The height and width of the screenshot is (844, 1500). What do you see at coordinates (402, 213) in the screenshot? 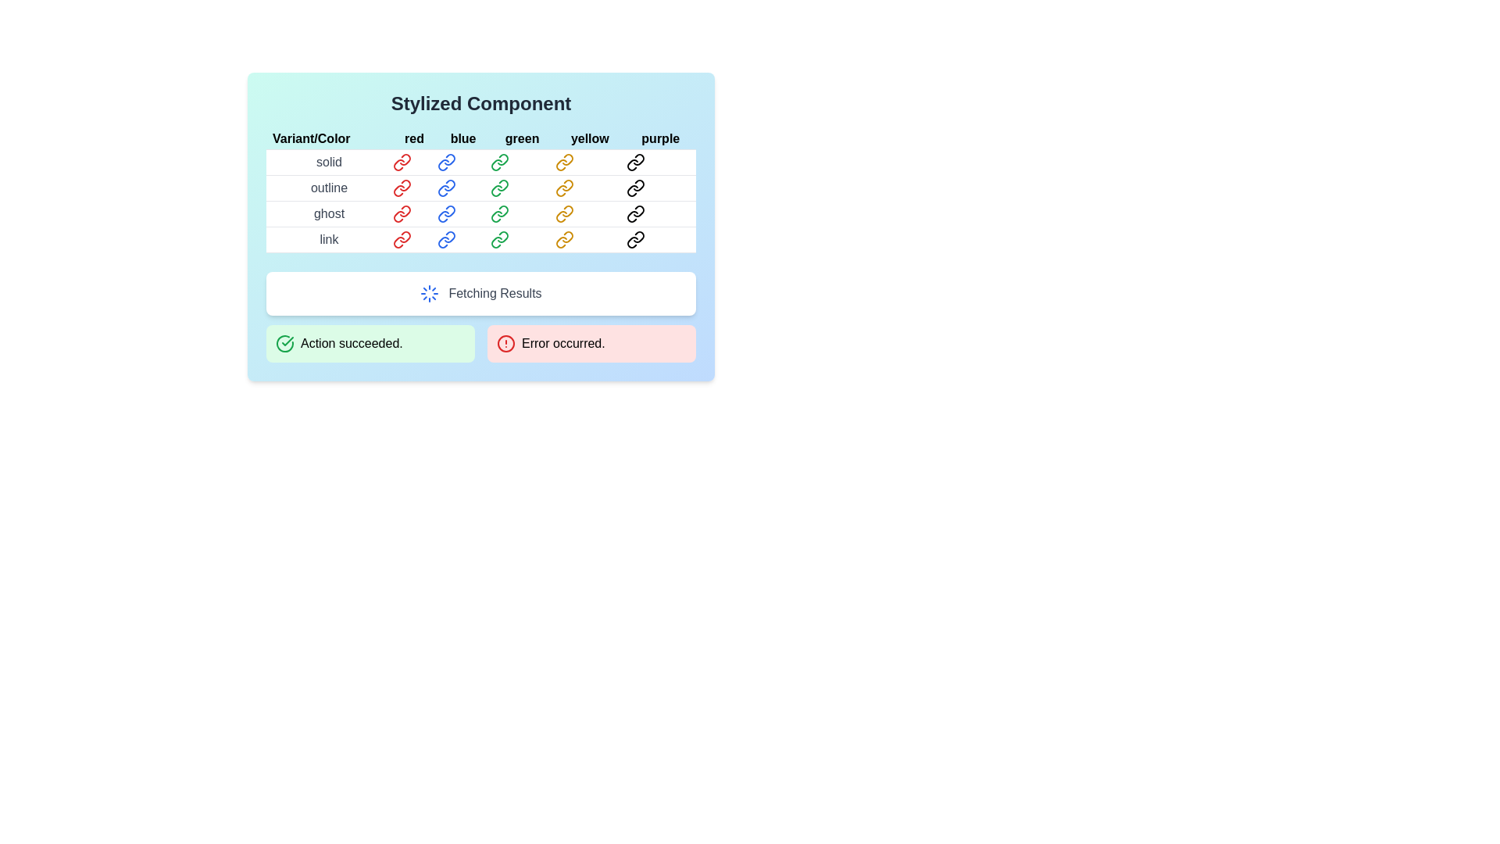
I see `the red-colored link icon with a 'ghost red' label located in the first entry of the 'ghost' row under the 'red' column of the 'Stylized Component' table` at bounding box center [402, 213].